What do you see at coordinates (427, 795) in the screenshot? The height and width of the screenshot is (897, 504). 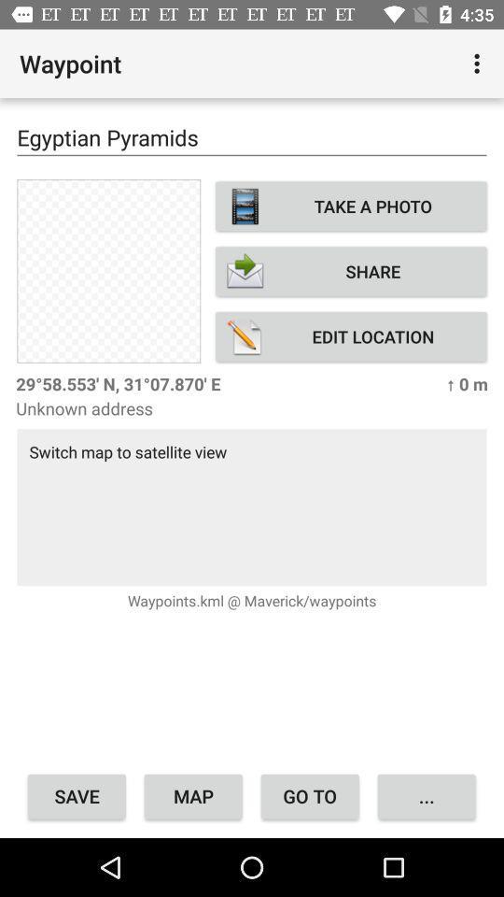 I see `icon below the waypoints kml maverick icon` at bounding box center [427, 795].